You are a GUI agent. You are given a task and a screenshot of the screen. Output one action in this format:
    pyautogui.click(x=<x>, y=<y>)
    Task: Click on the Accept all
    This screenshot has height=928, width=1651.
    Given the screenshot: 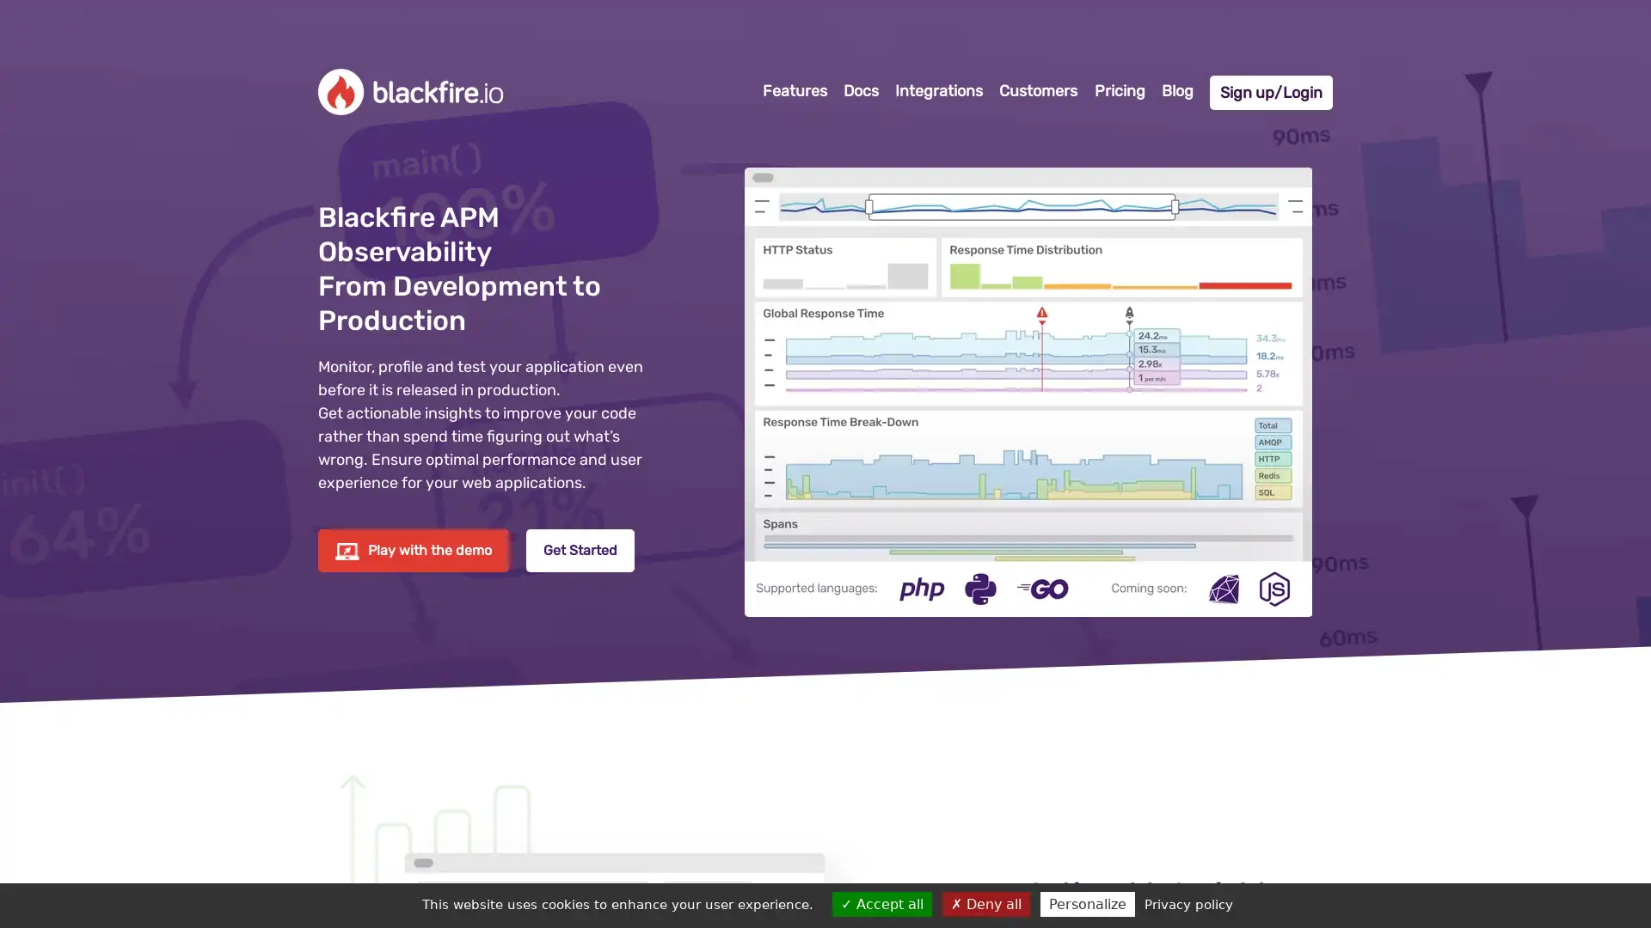 What is the action you would take?
    pyautogui.click(x=881, y=903)
    